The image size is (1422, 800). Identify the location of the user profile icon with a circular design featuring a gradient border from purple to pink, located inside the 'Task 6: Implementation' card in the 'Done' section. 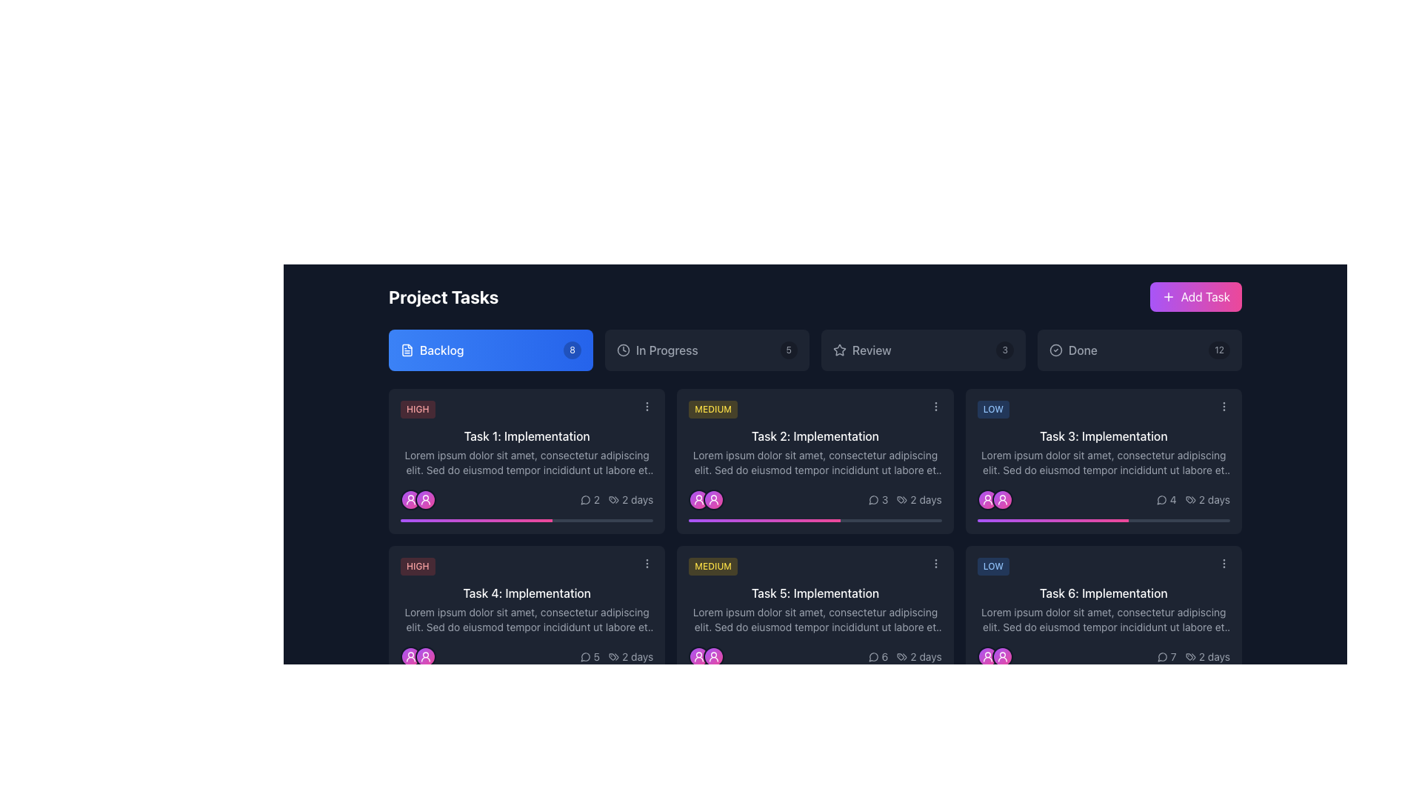
(1002, 656).